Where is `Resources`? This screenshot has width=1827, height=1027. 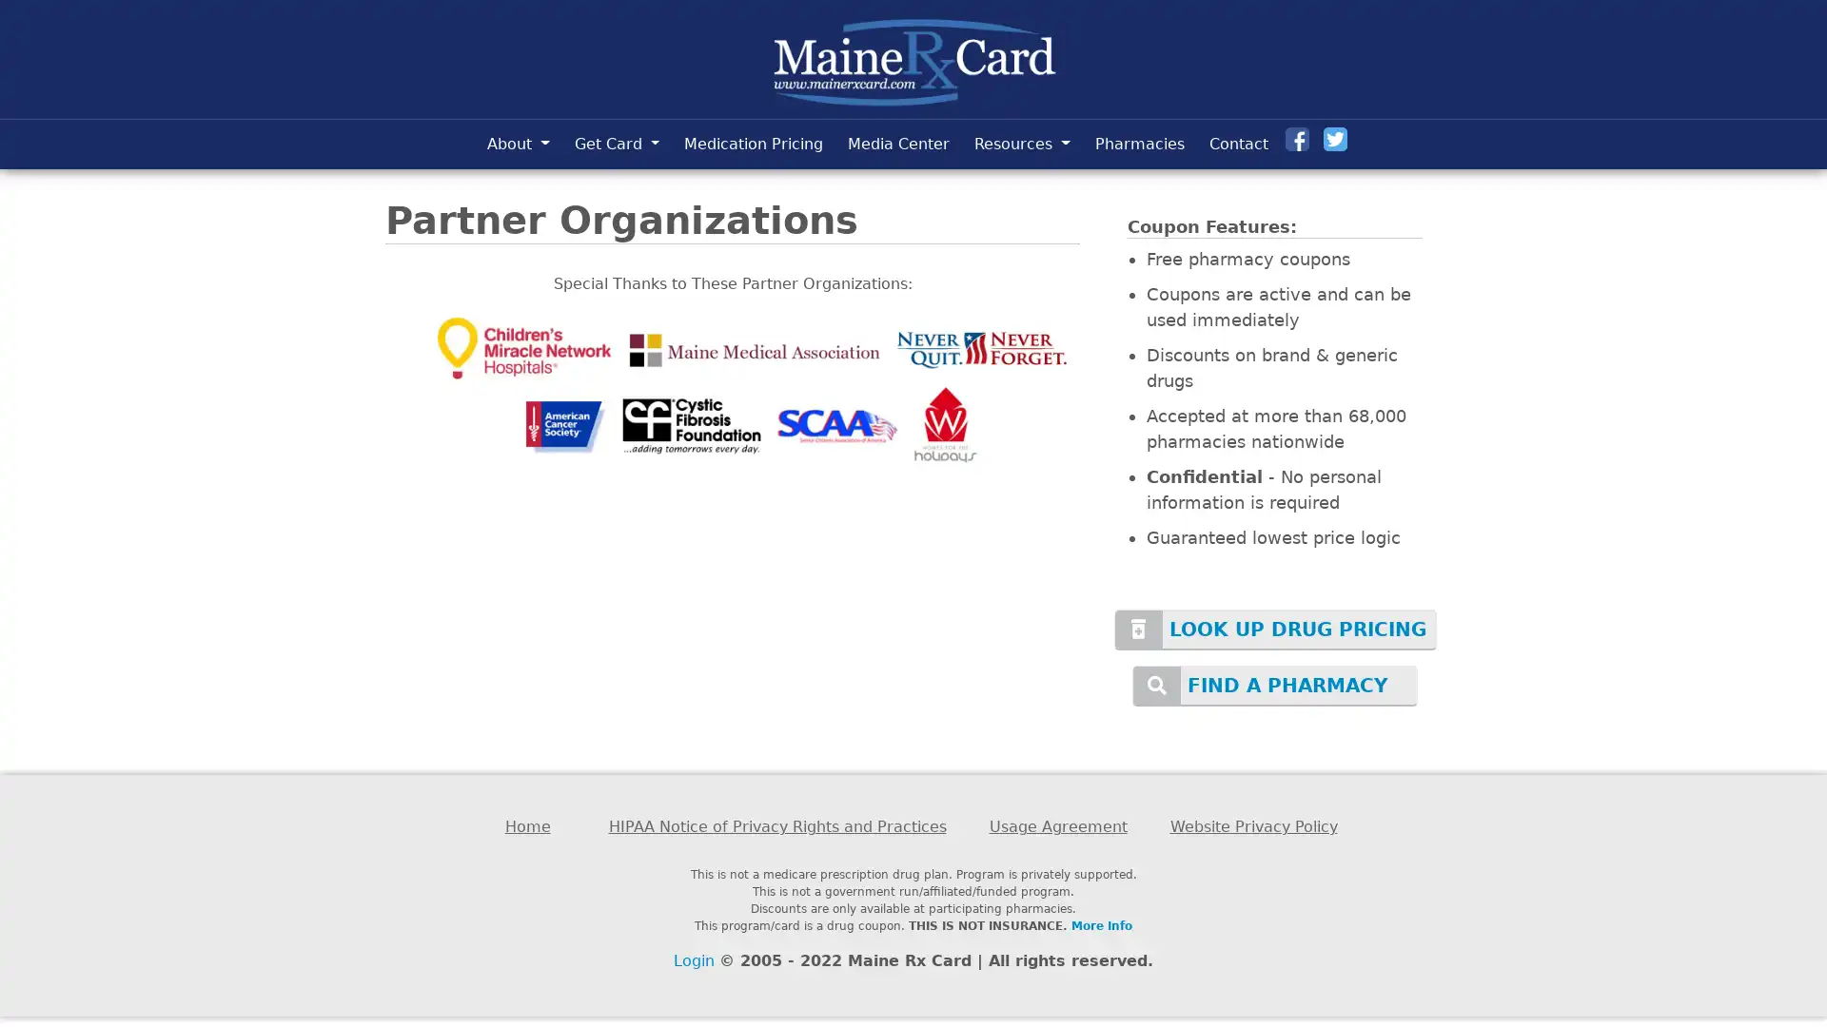 Resources is located at coordinates (1021, 143).